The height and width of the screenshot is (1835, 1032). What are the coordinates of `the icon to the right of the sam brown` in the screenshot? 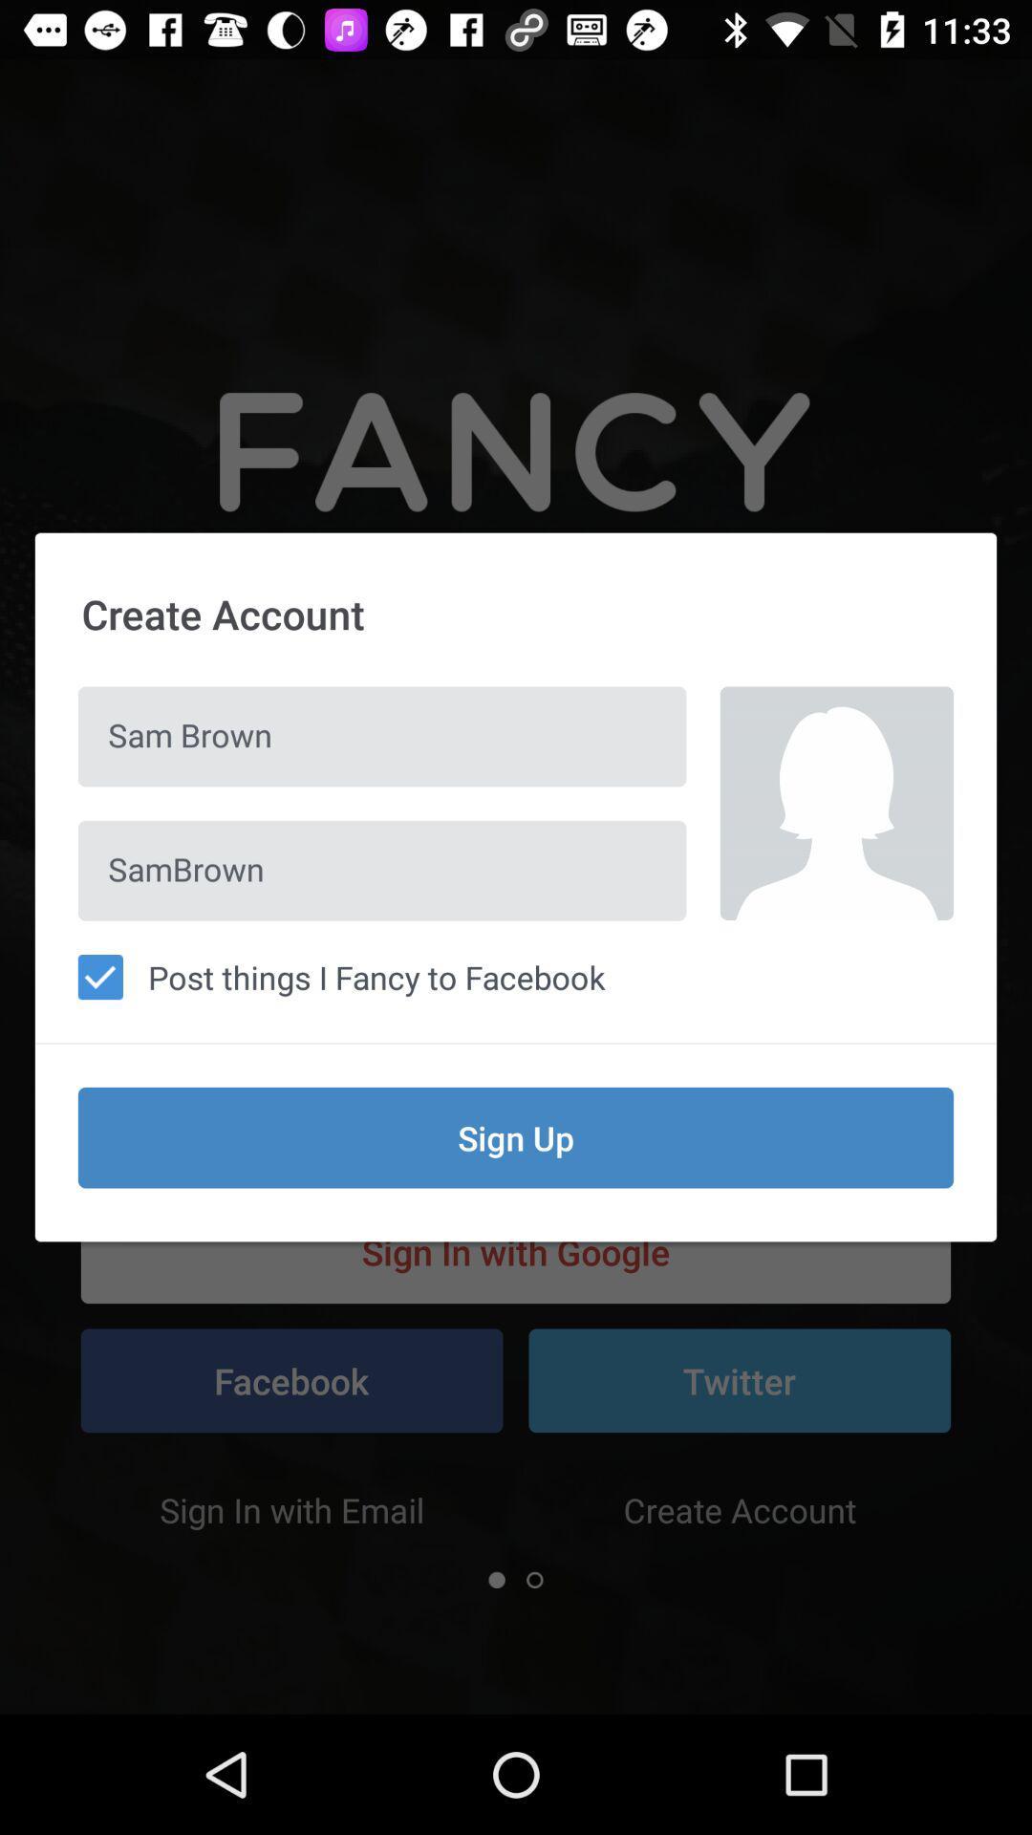 It's located at (835, 803).